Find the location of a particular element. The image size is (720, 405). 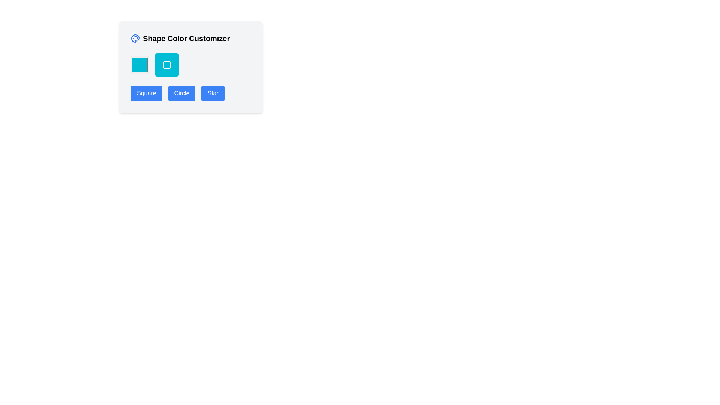

the 'Star' button, which is the third button in a row of buttons labeled 'Square', 'Circle', and 'Star', located near the bottom-center of the 'Shape Color Customizer' card interface is located at coordinates (213, 93).